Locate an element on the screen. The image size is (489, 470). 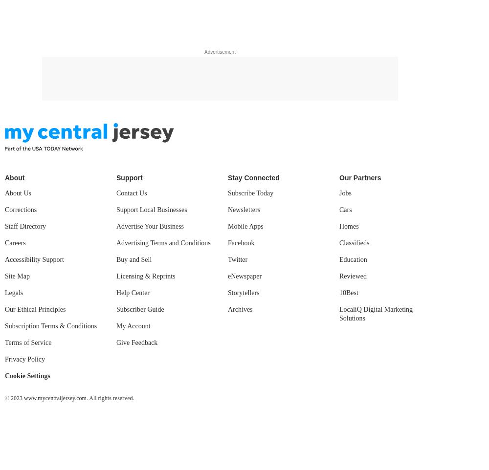
'Reviewed' is located at coordinates (352, 276).